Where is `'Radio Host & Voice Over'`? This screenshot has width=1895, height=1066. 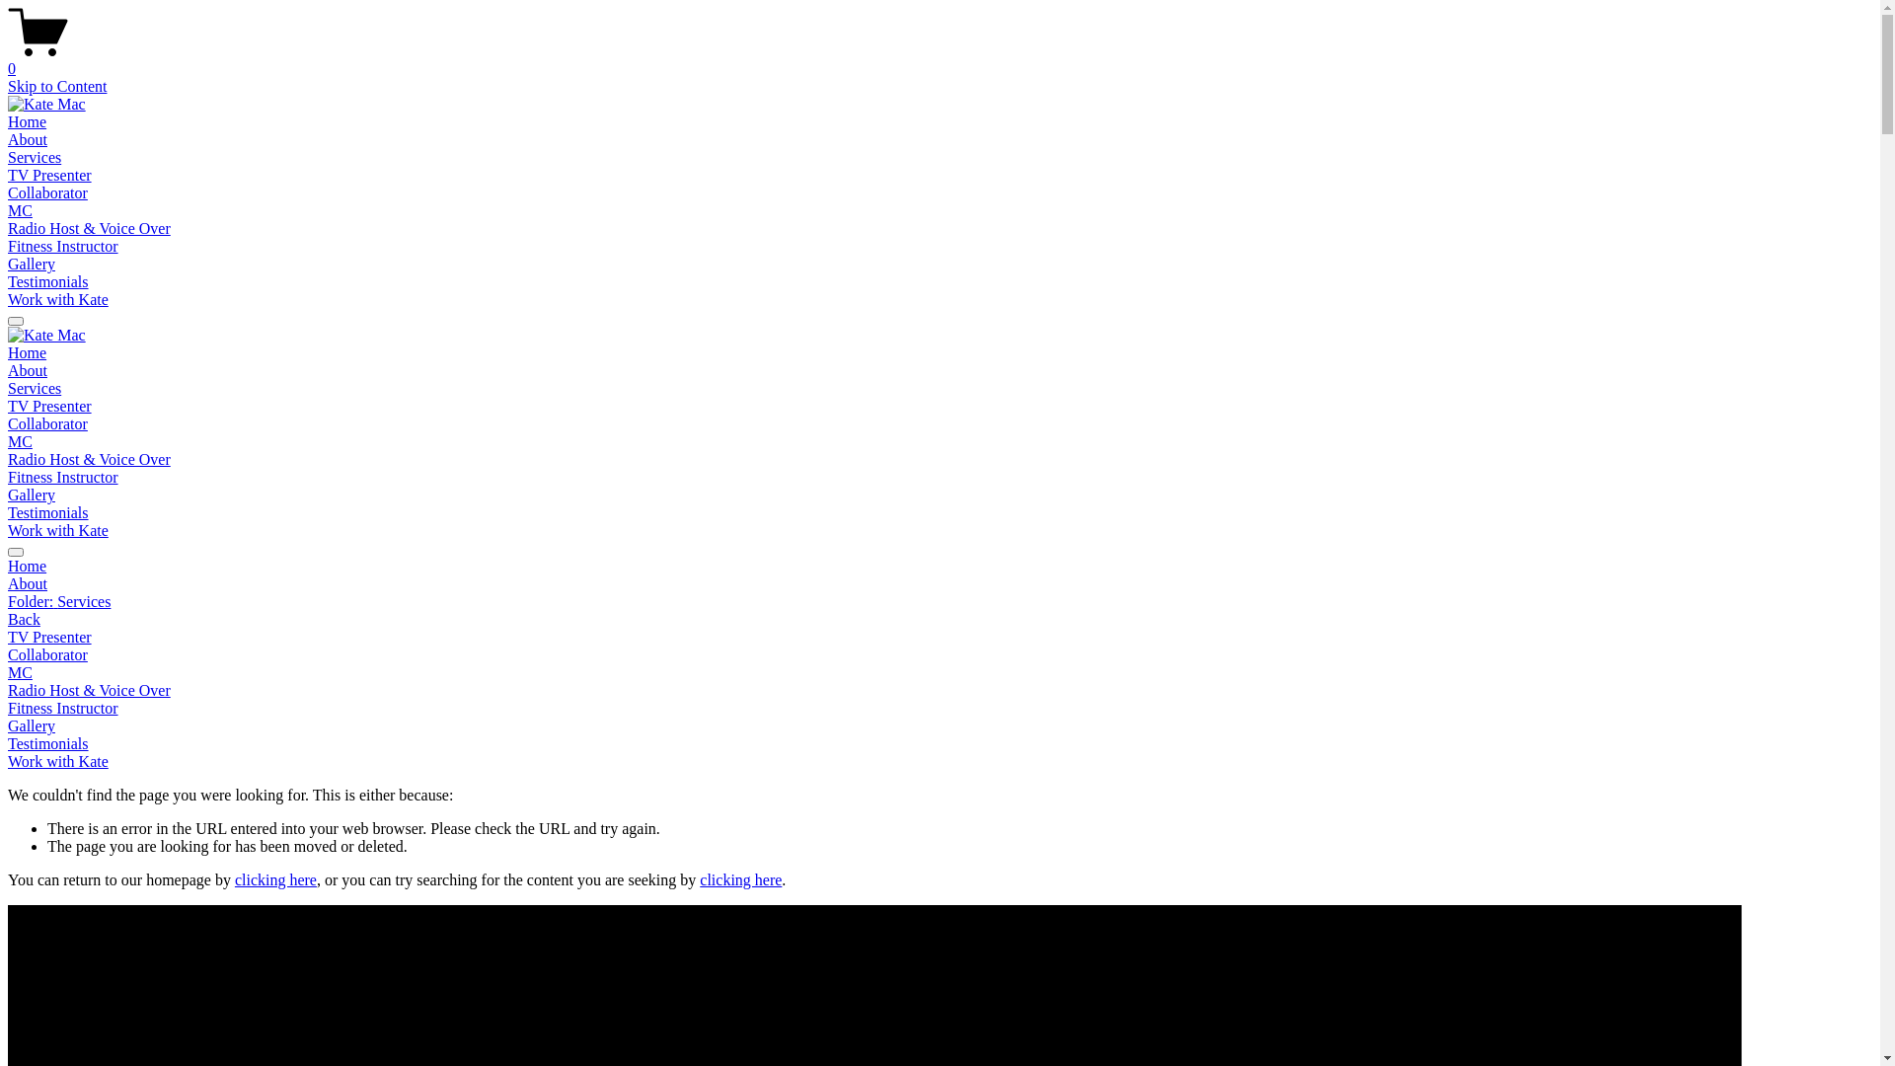
'Radio Host & Voice Over' is located at coordinates (88, 459).